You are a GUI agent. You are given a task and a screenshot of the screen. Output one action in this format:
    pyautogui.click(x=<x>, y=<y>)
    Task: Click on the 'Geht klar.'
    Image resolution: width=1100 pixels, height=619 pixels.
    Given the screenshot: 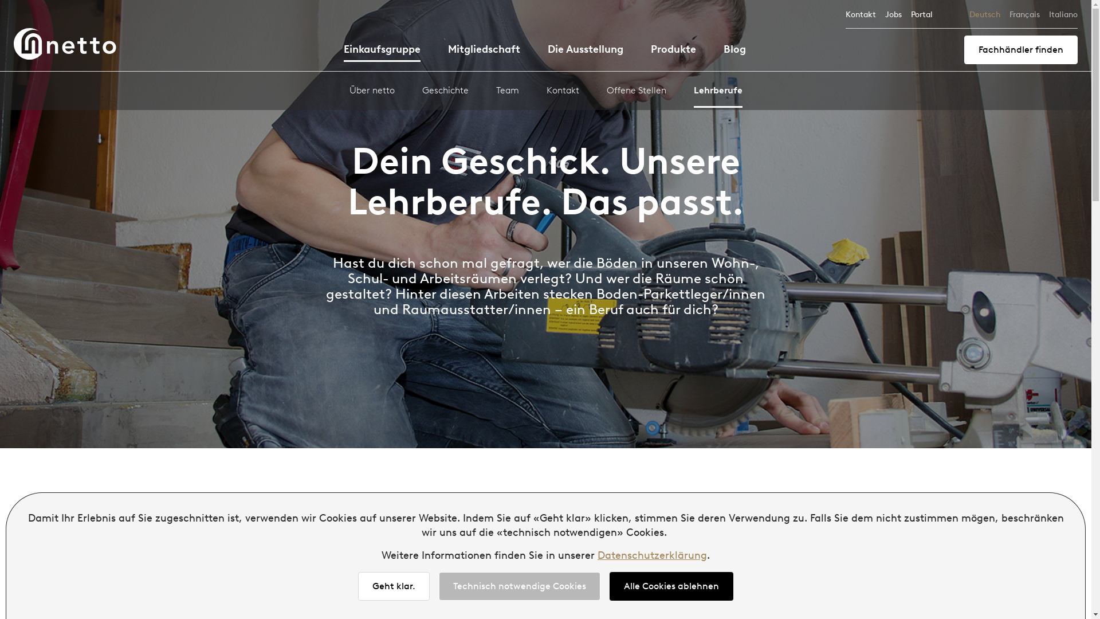 What is the action you would take?
    pyautogui.click(x=394, y=586)
    